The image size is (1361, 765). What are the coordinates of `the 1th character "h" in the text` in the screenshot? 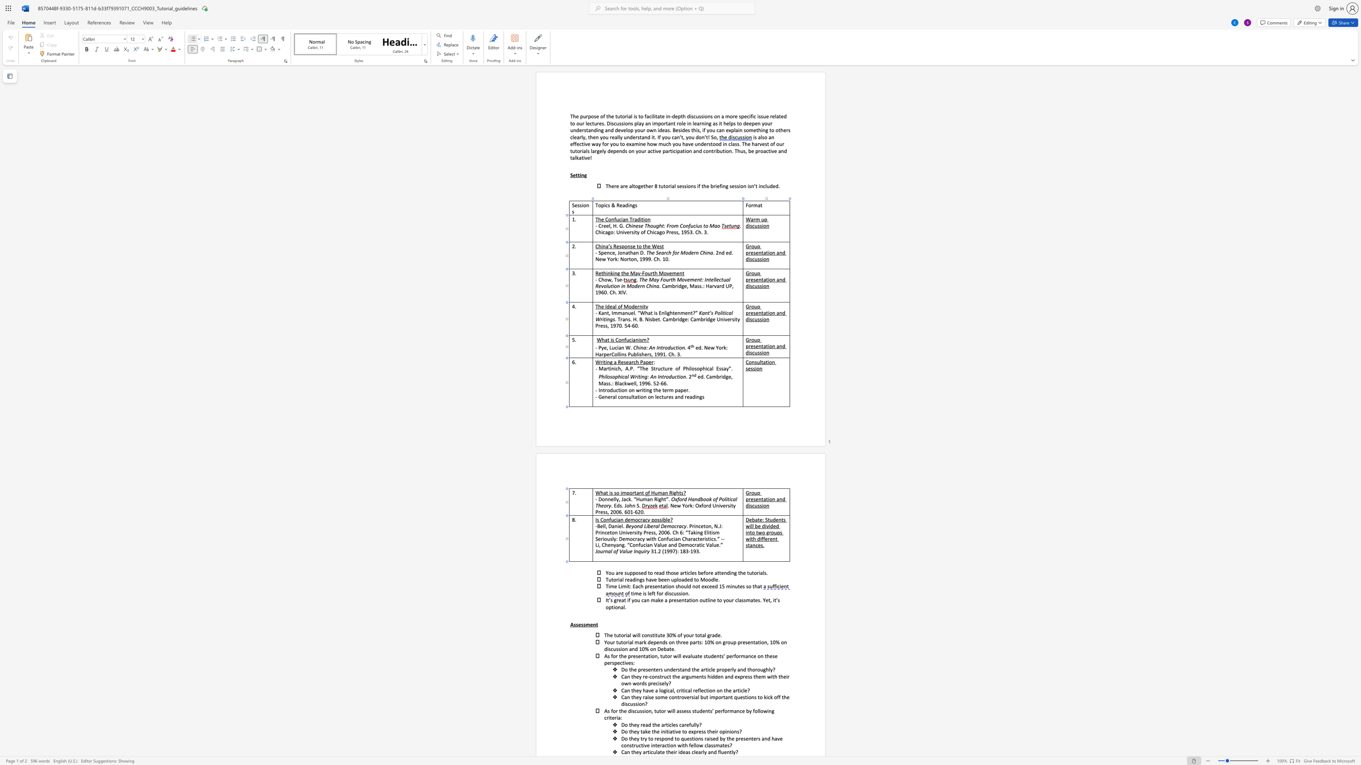 It's located at (632, 731).